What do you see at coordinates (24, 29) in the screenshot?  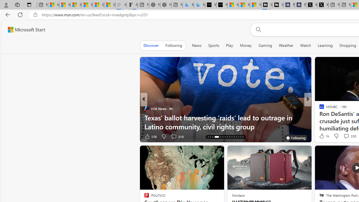 I see `'Skip to content'` at bounding box center [24, 29].